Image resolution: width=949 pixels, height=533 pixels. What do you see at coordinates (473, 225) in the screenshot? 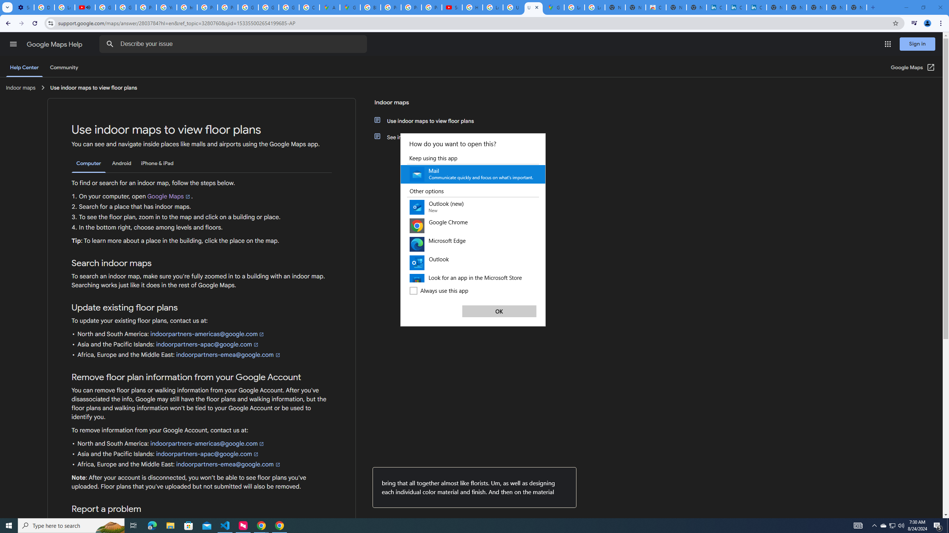
I see `'Google Chrome'` at bounding box center [473, 225].